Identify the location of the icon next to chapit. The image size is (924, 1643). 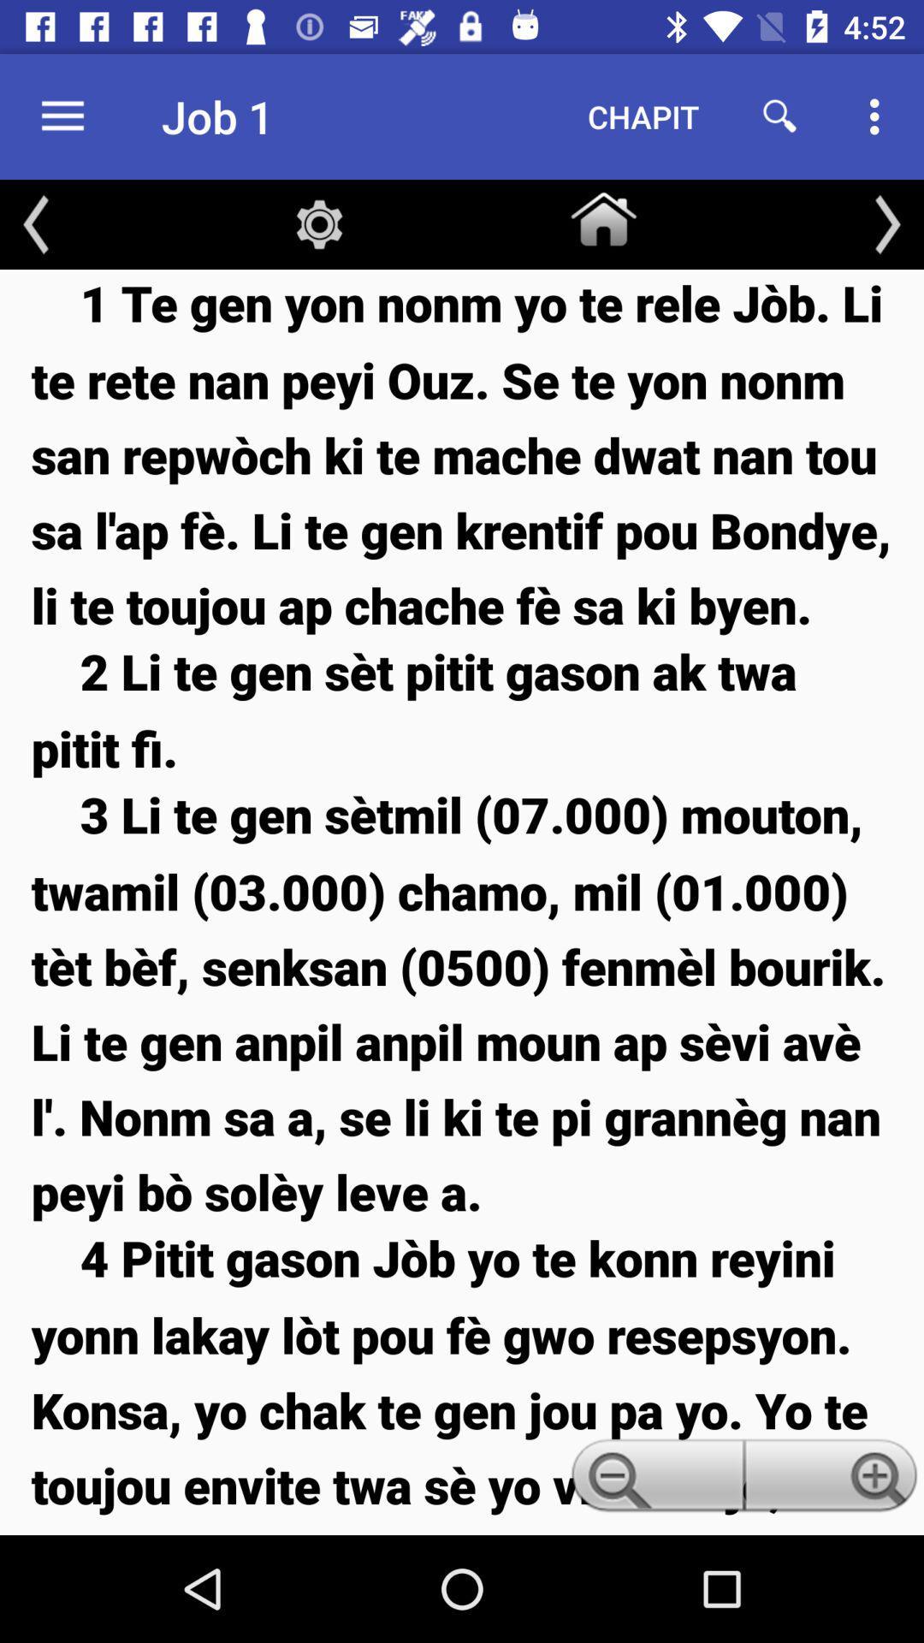
(779, 116).